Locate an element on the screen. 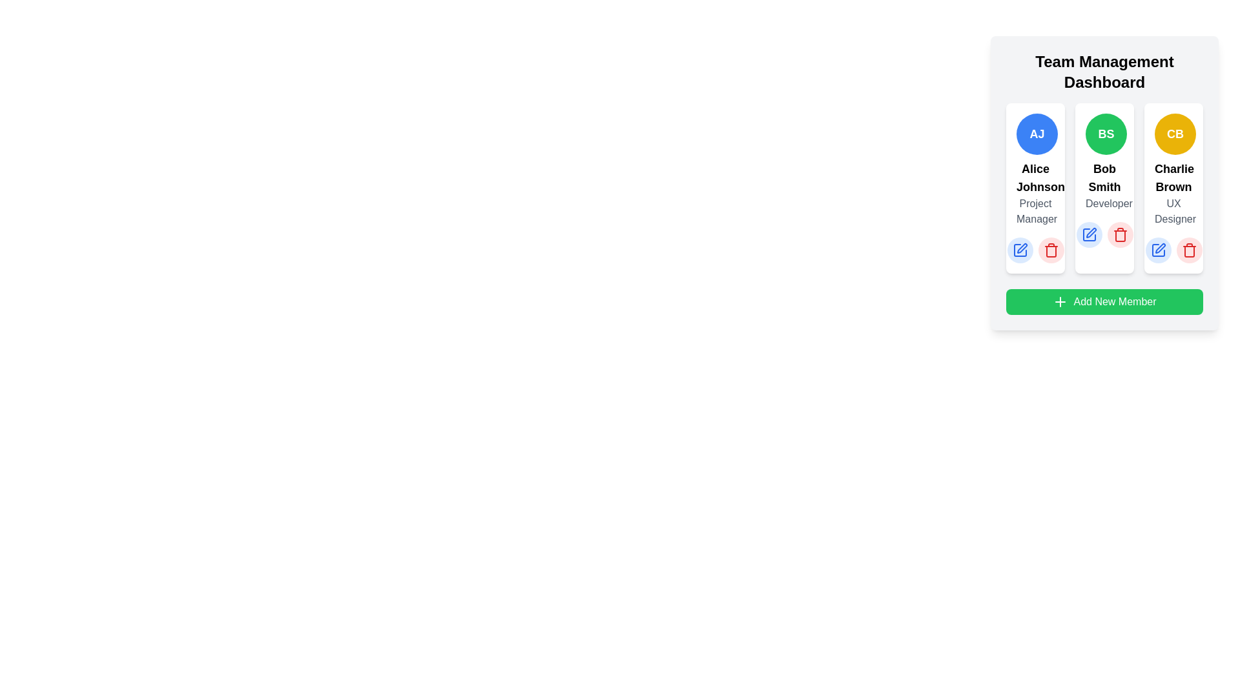  the circular avatar with a green background and white text displaying 'BS', located at the top-center of the card representing 'Bob Smith' in the Team Management Dashboard is located at coordinates (1106, 134).